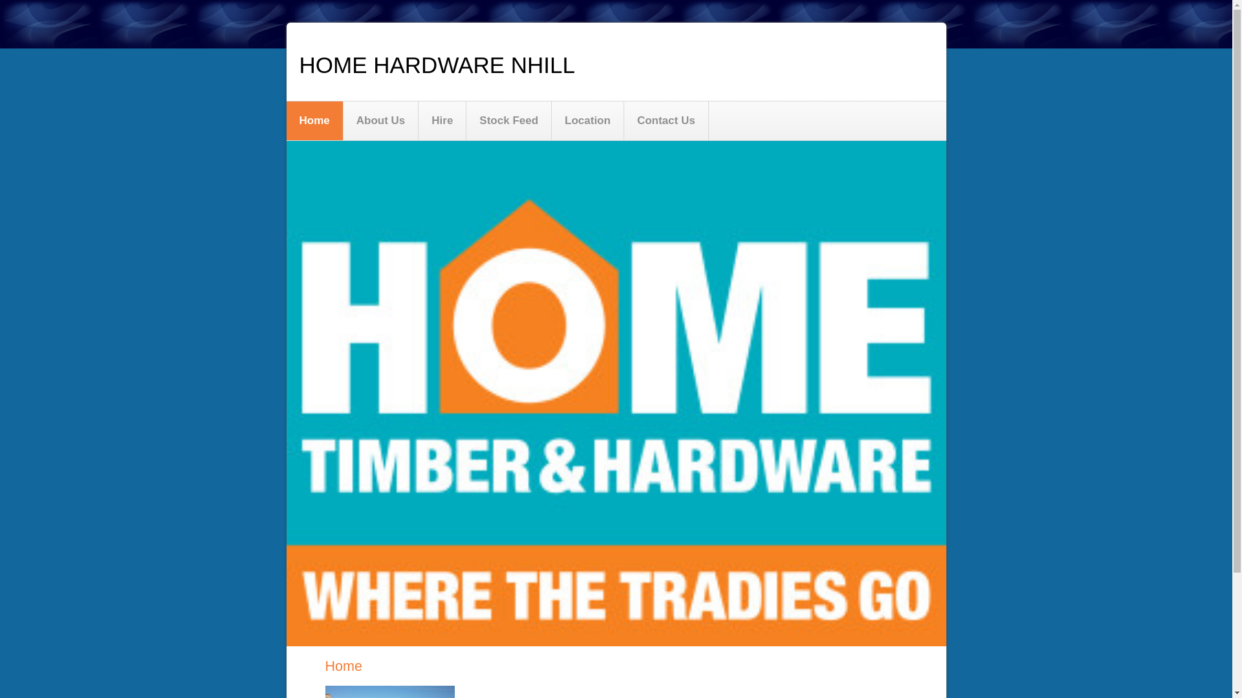 The height and width of the screenshot is (698, 1242). What do you see at coordinates (666, 120) in the screenshot?
I see `'Contact Us'` at bounding box center [666, 120].